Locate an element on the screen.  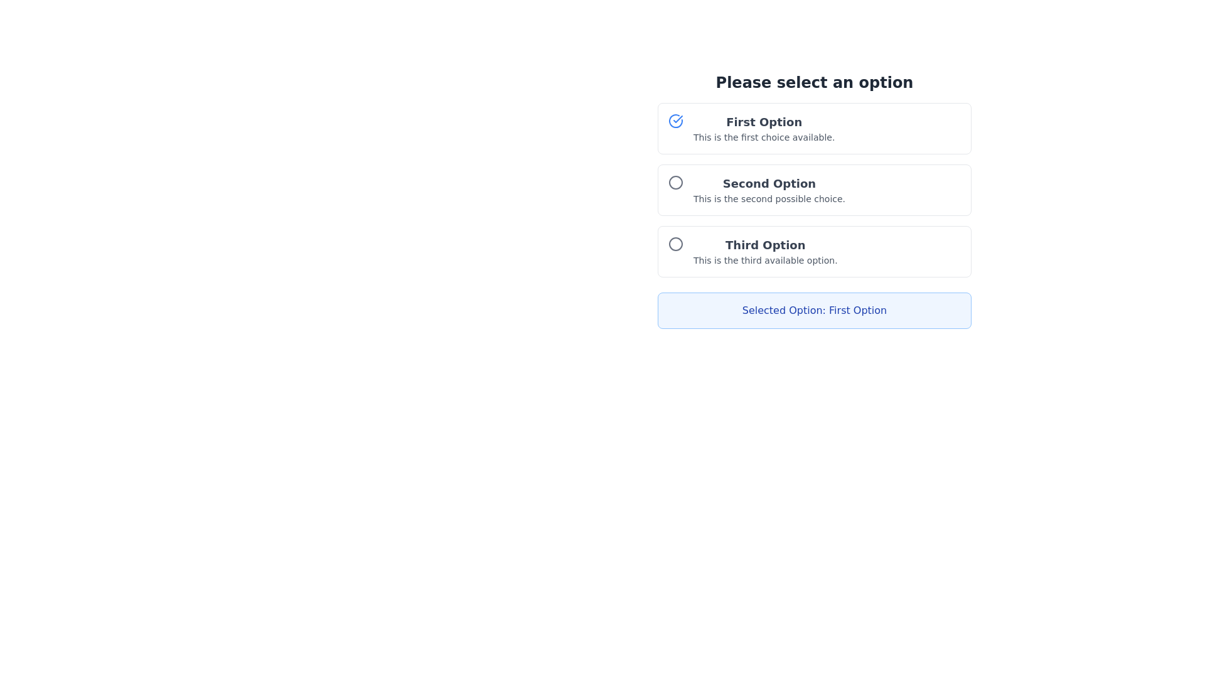
the text label stating 'This is the second possible choice.' which is styled in a small-sized, light gray font and is located below the title 'Second Option' is located at coordinates (769, 198).